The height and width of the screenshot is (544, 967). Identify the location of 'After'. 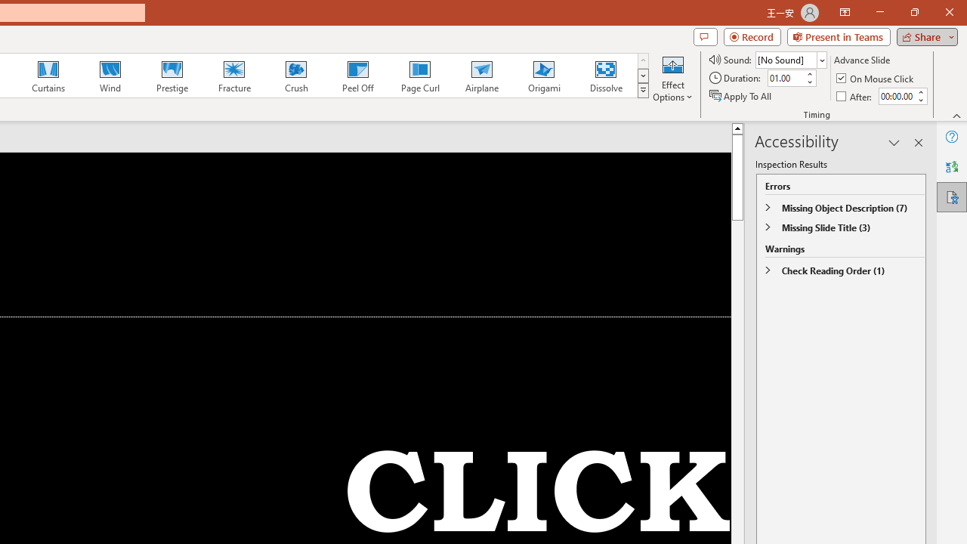
(855, 96).